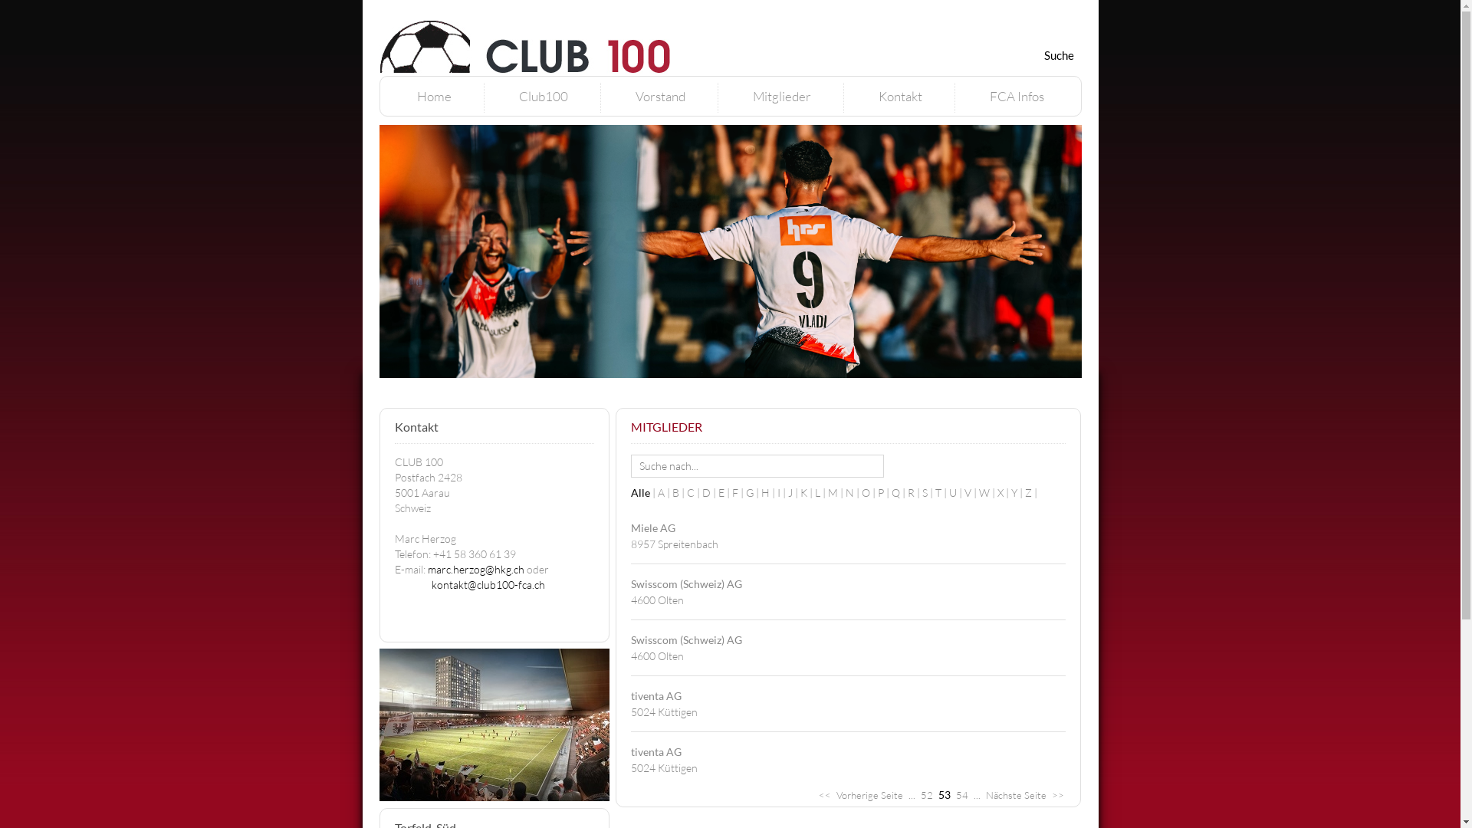  I want to click on 'O', so click(869, 492).